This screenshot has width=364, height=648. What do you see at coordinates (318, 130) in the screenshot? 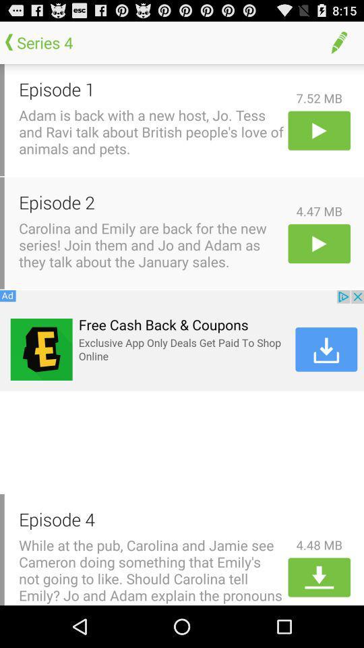
I see `episode one` at bounding box center [318, 130].